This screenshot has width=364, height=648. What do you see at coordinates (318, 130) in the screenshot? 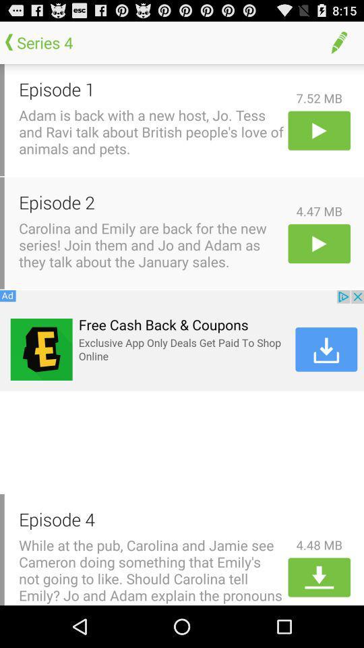
I see `episode one` at bounding box center [318, 130].